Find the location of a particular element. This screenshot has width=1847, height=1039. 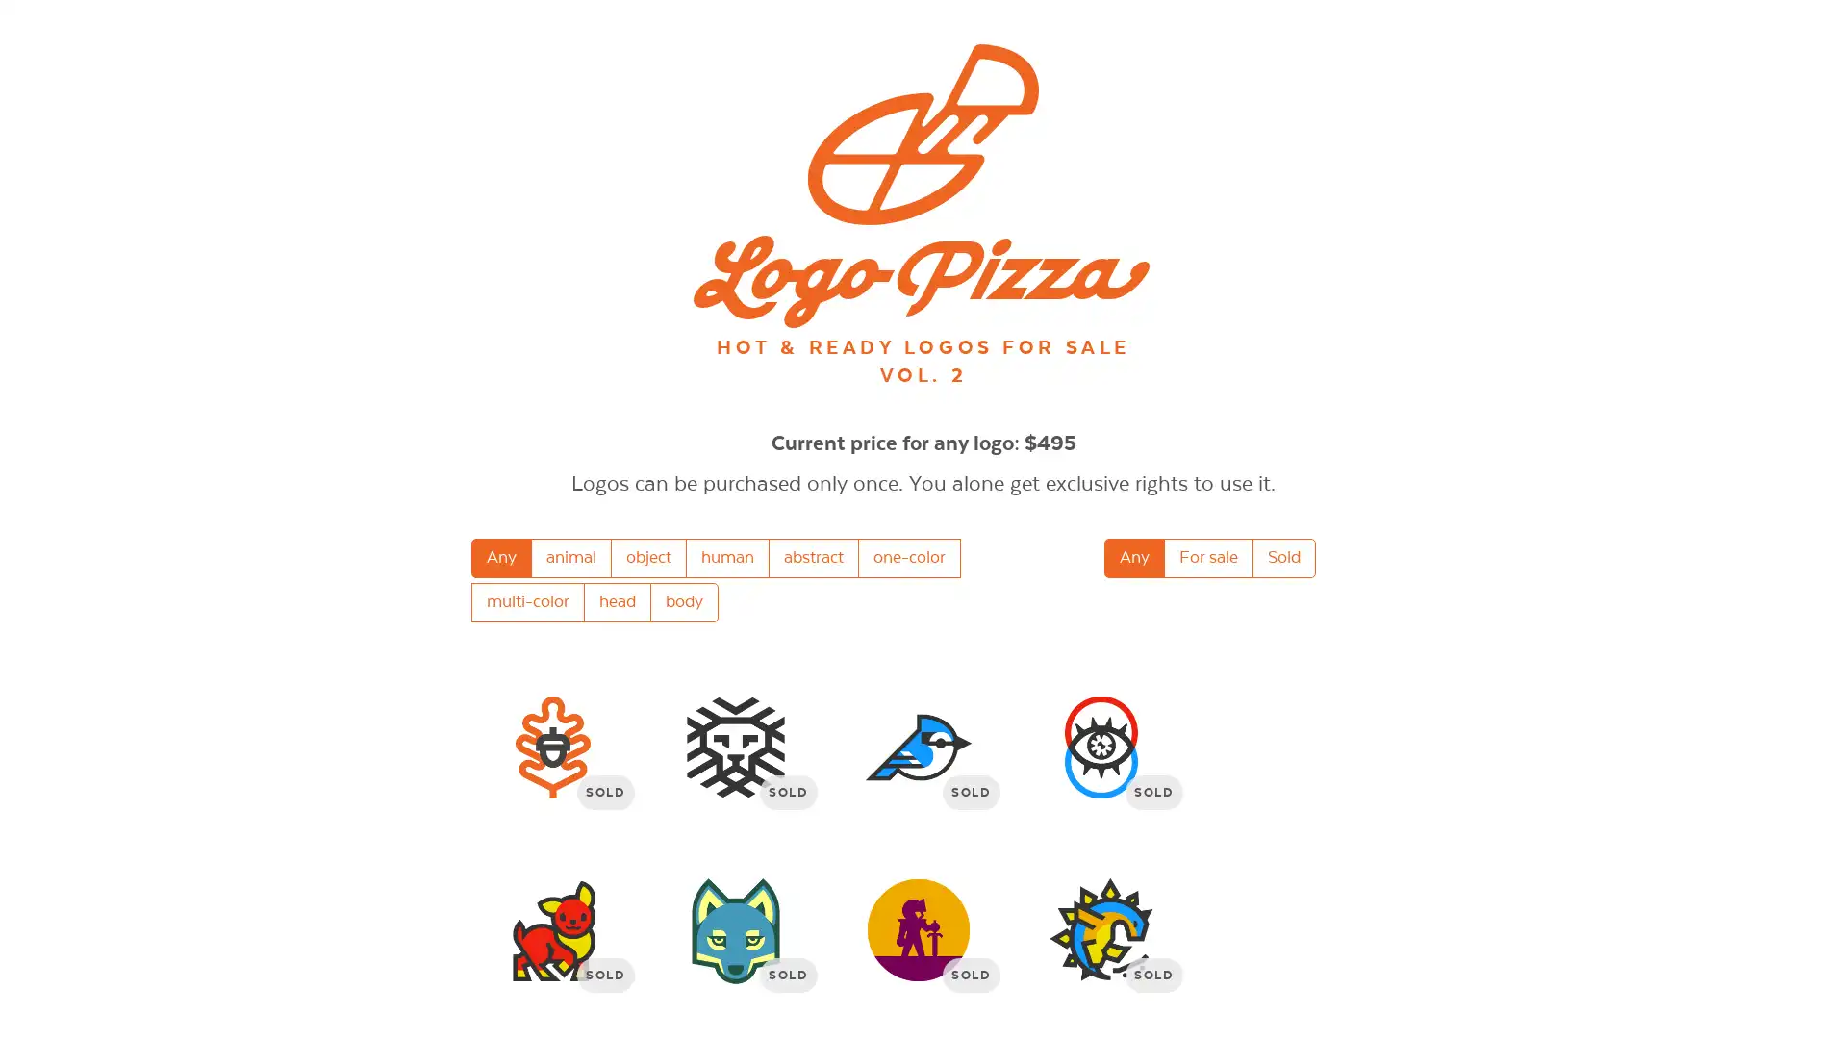

abstract is located at coordinates (813, 558).